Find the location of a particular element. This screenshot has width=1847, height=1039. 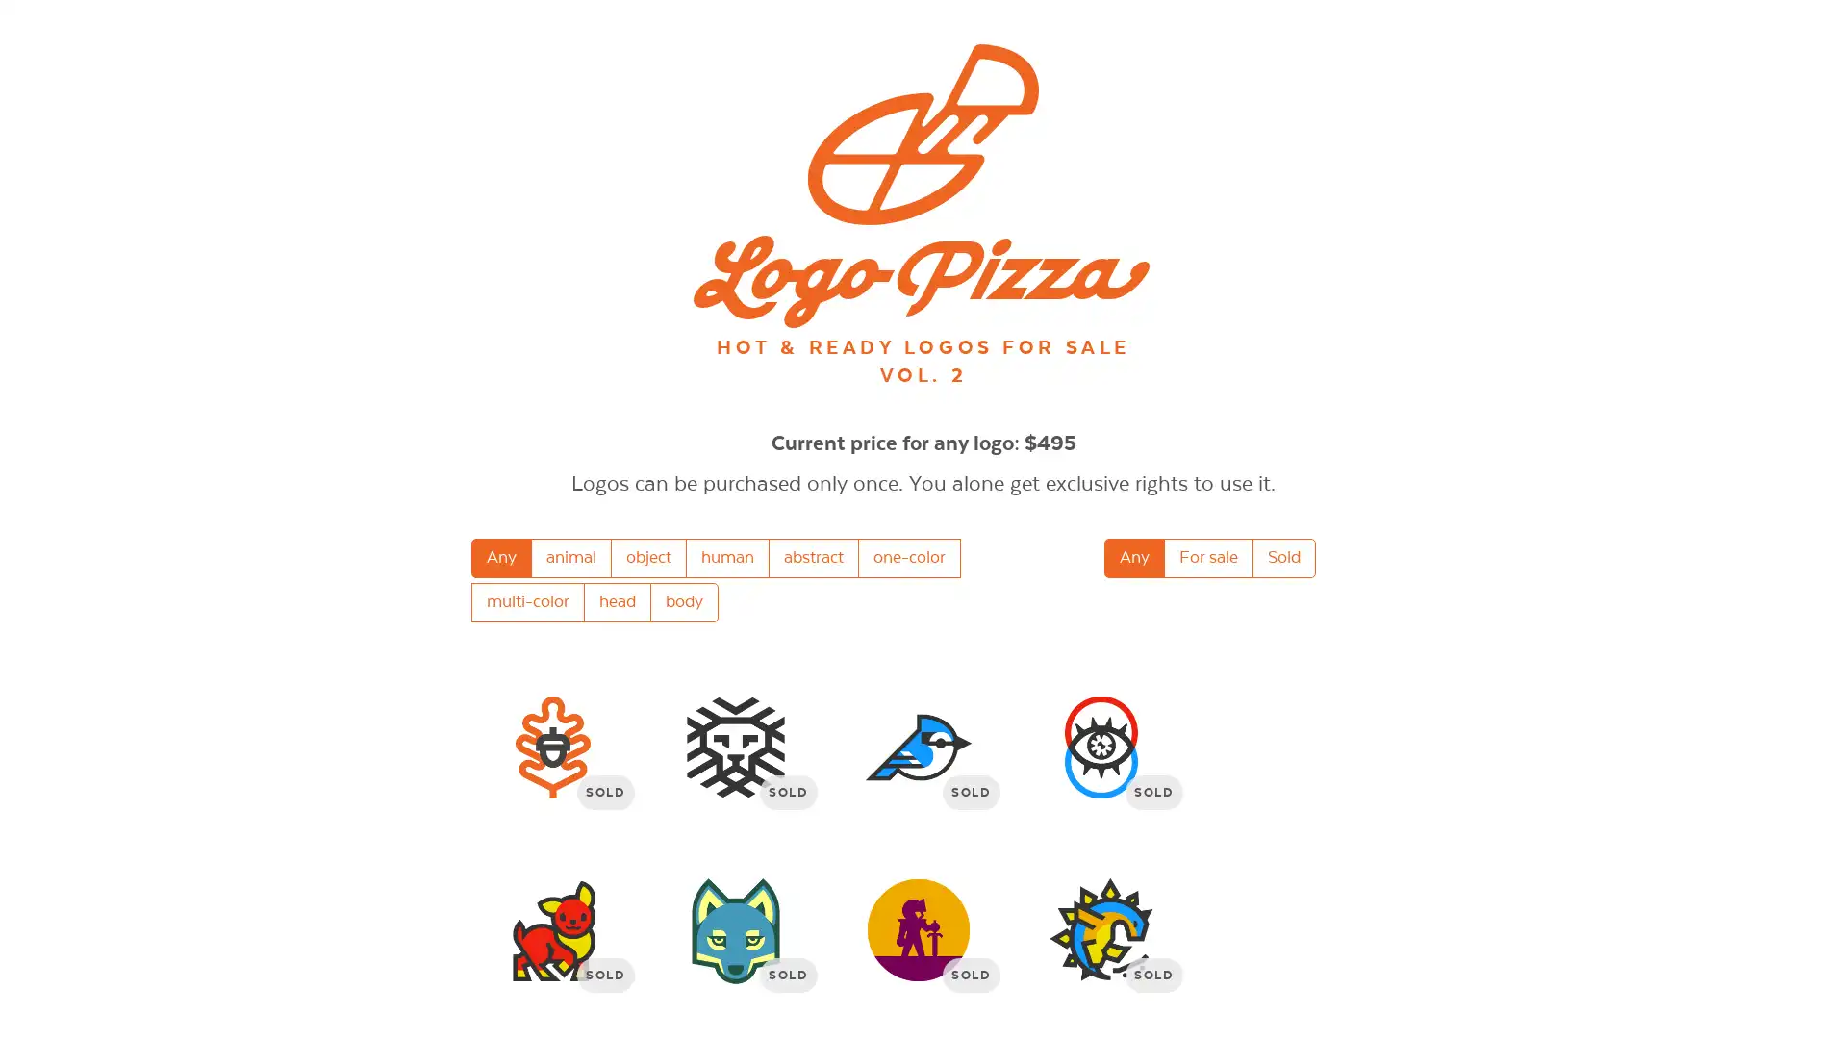

abstract is located at coordinates (813, 558).